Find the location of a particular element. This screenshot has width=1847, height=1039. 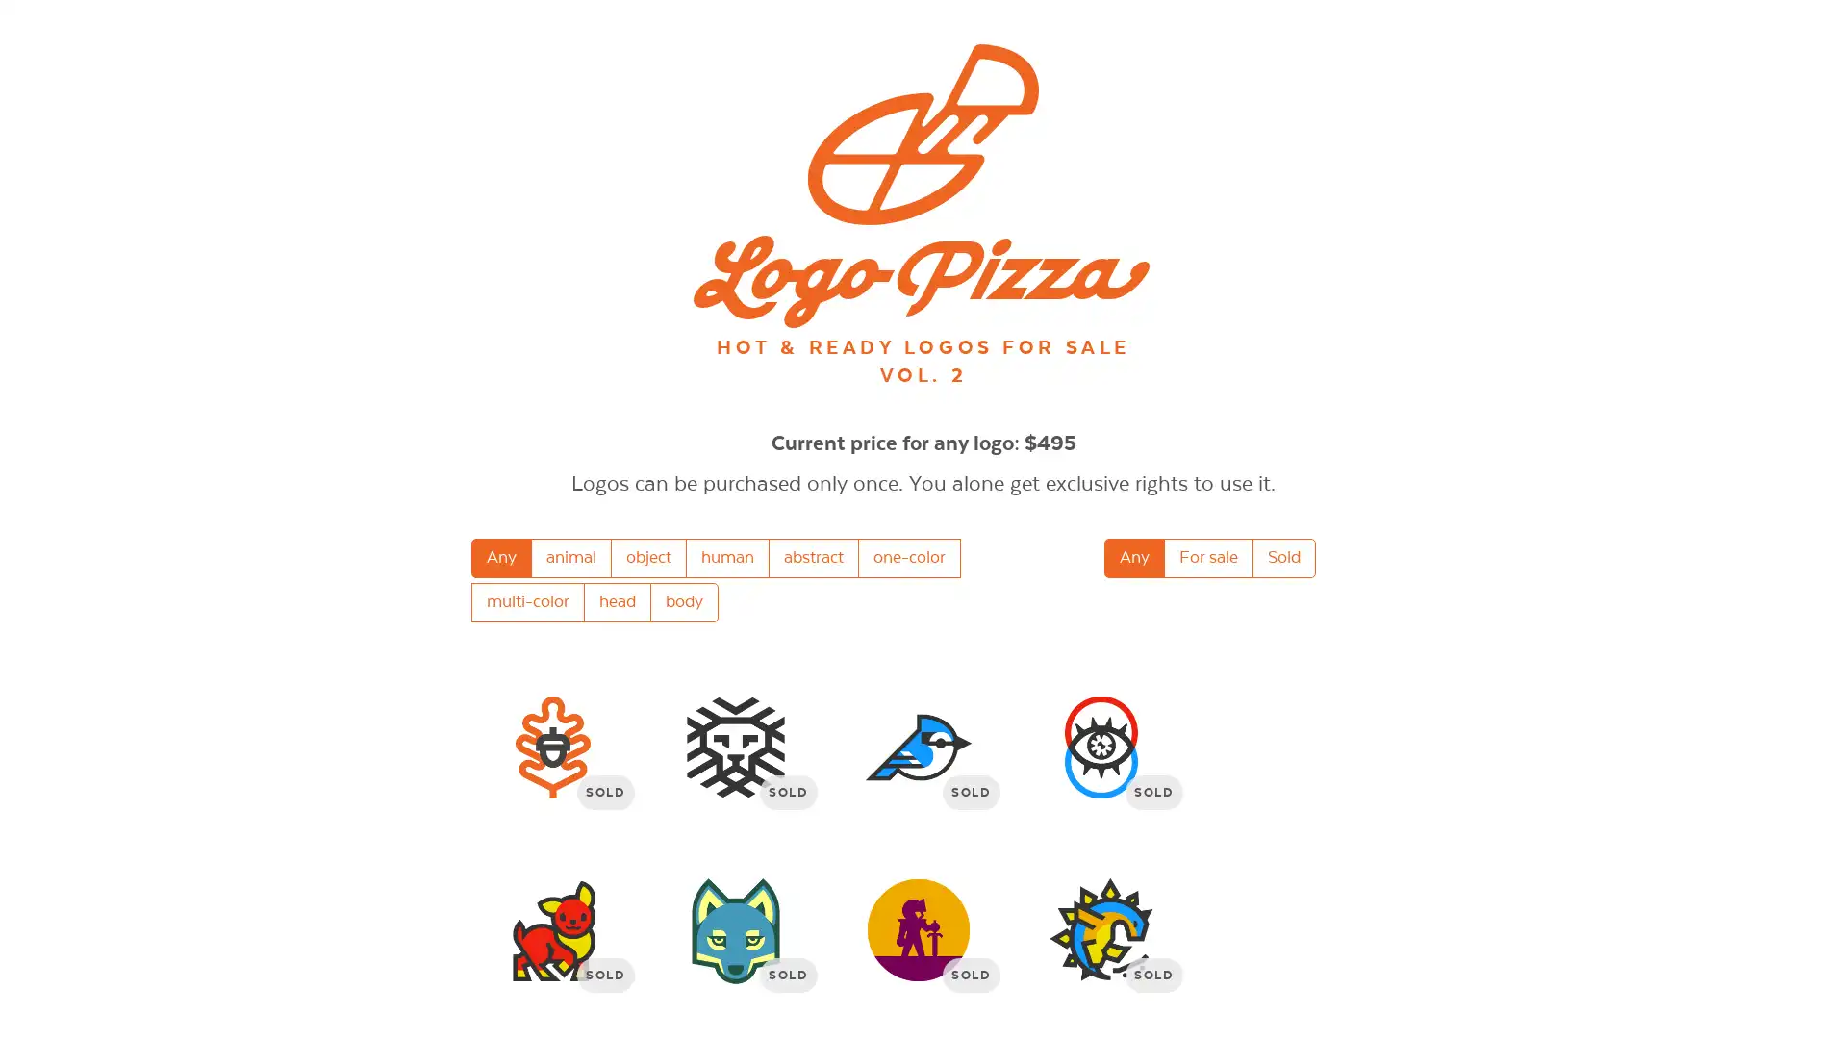

abstract is located at coordinates (813, 558).